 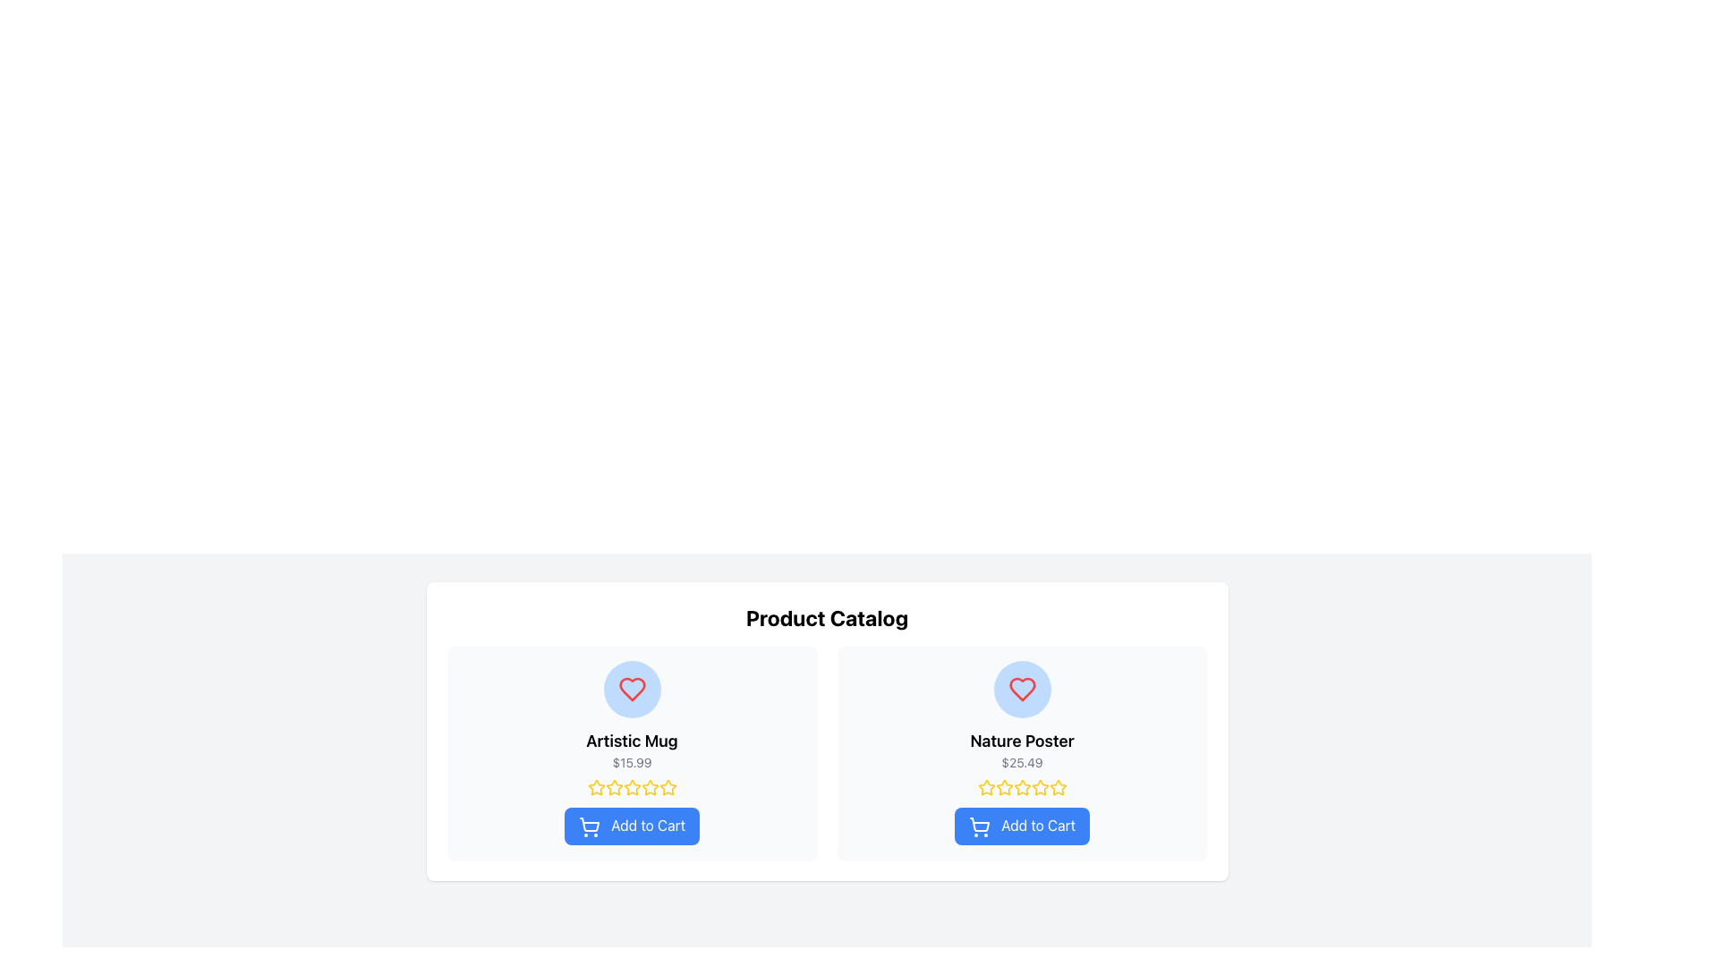 What do you see at coordinates (985, 786) in the screenshot?
I see `the first star icon in the rating bar of the 'Nature Poster' product card` at bounding box center [985, 786].